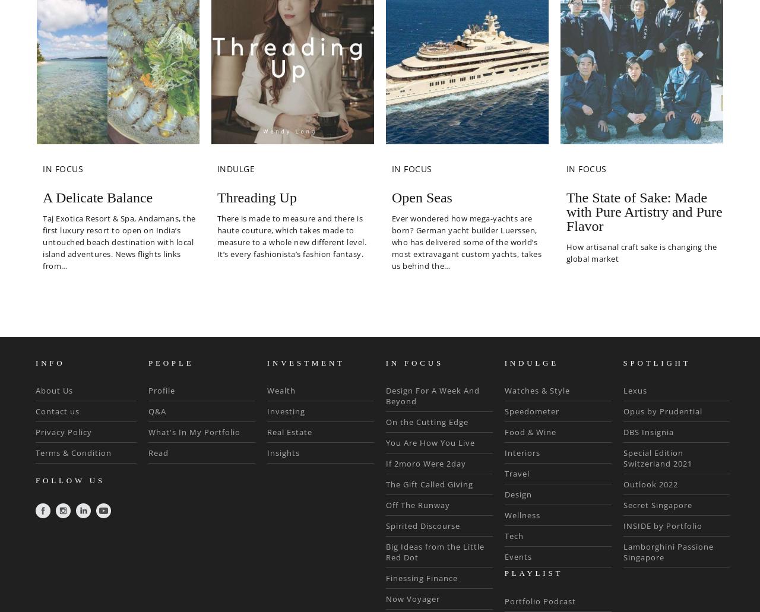  What do you see at coordinates (518, 556) in the screenshot?
I see `'Events'` at bounding box center [518, 556].